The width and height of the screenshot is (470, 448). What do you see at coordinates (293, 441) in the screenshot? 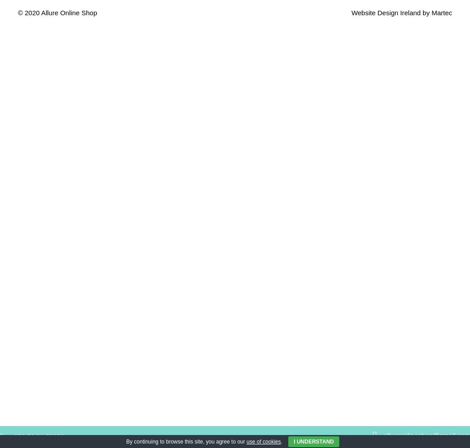
I see `'I Understand'` at bounding box center [293, 441].